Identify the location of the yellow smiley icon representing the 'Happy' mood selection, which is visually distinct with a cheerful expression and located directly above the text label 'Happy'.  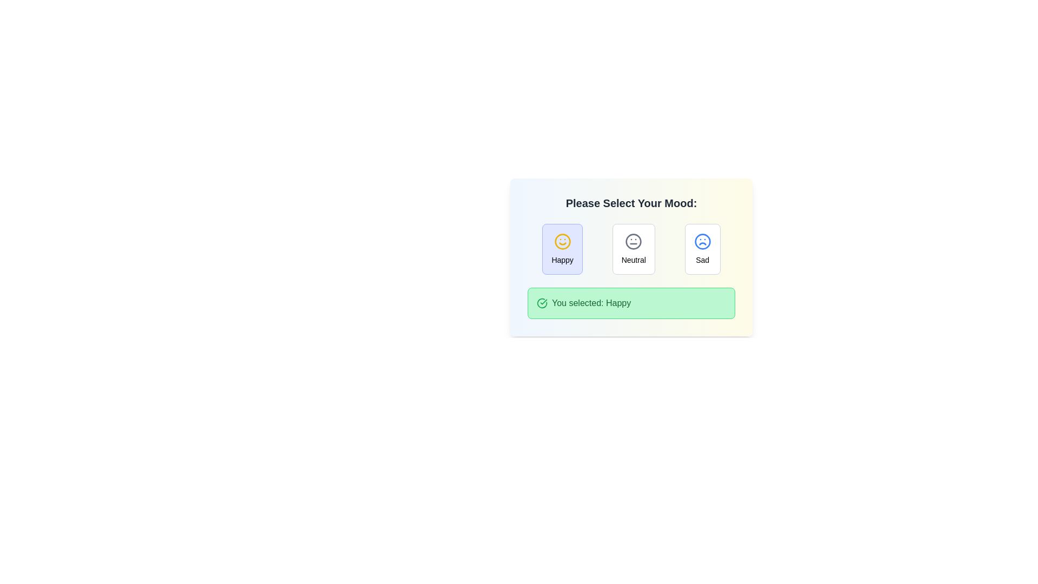
(562, 241).